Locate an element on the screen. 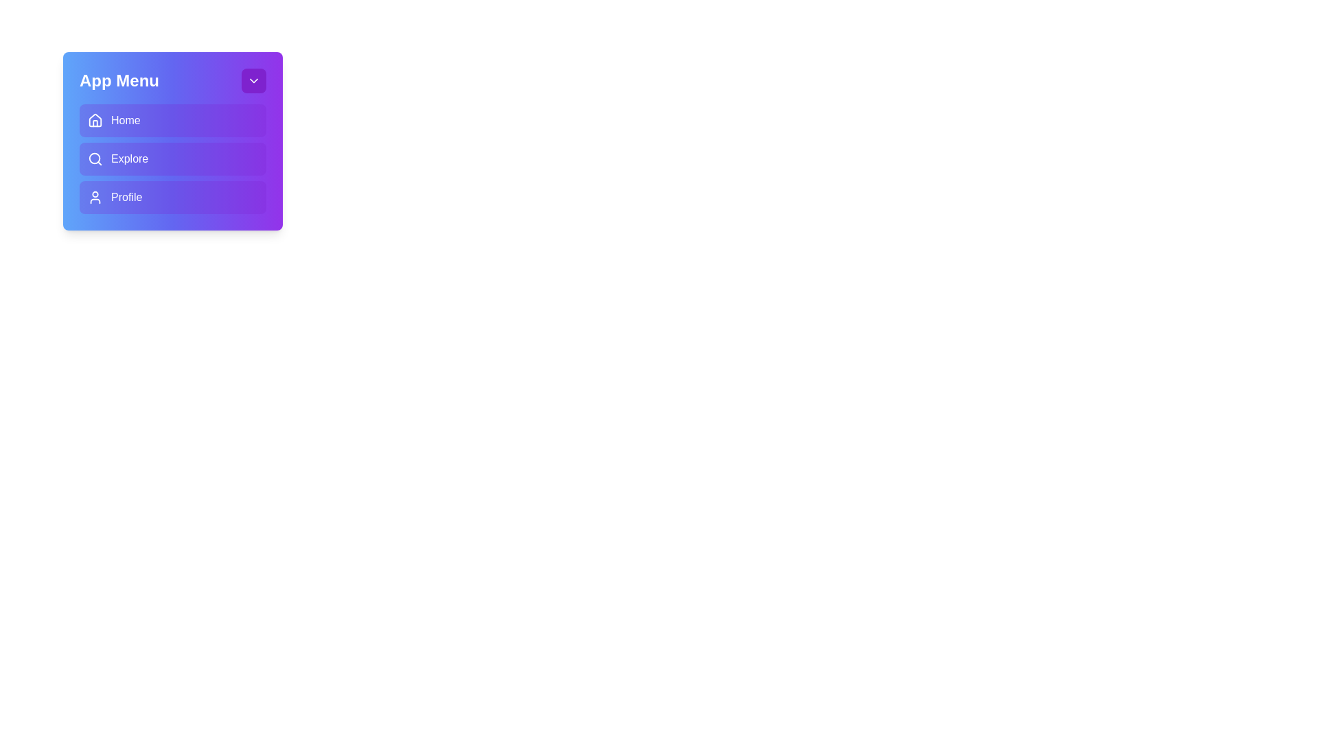 Image resolution: width=1318 pixels, height=741 pixels. the house-shaped icon next to the 'Home' text in the vertical menu layout is located at coordinates (95, 120).